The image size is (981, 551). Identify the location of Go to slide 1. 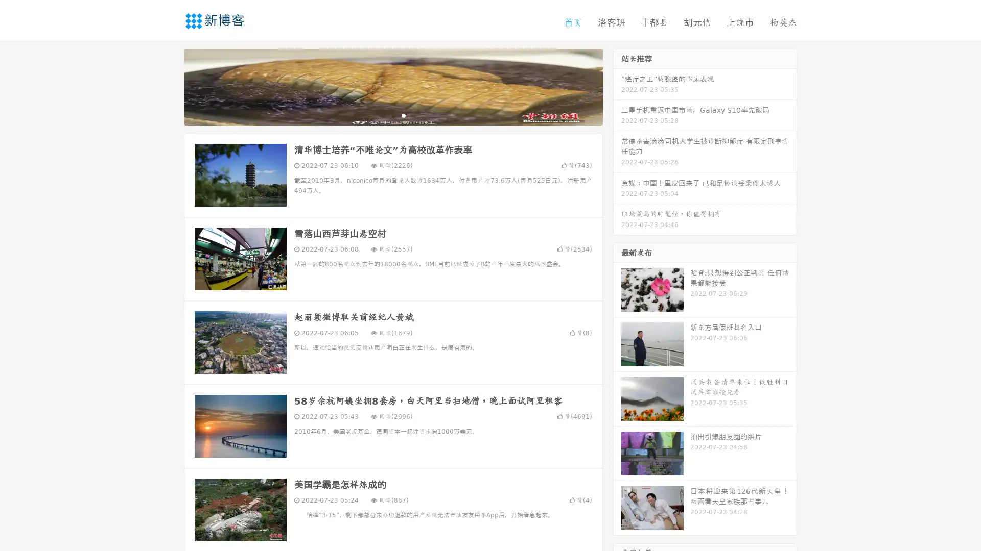
(382, 115).